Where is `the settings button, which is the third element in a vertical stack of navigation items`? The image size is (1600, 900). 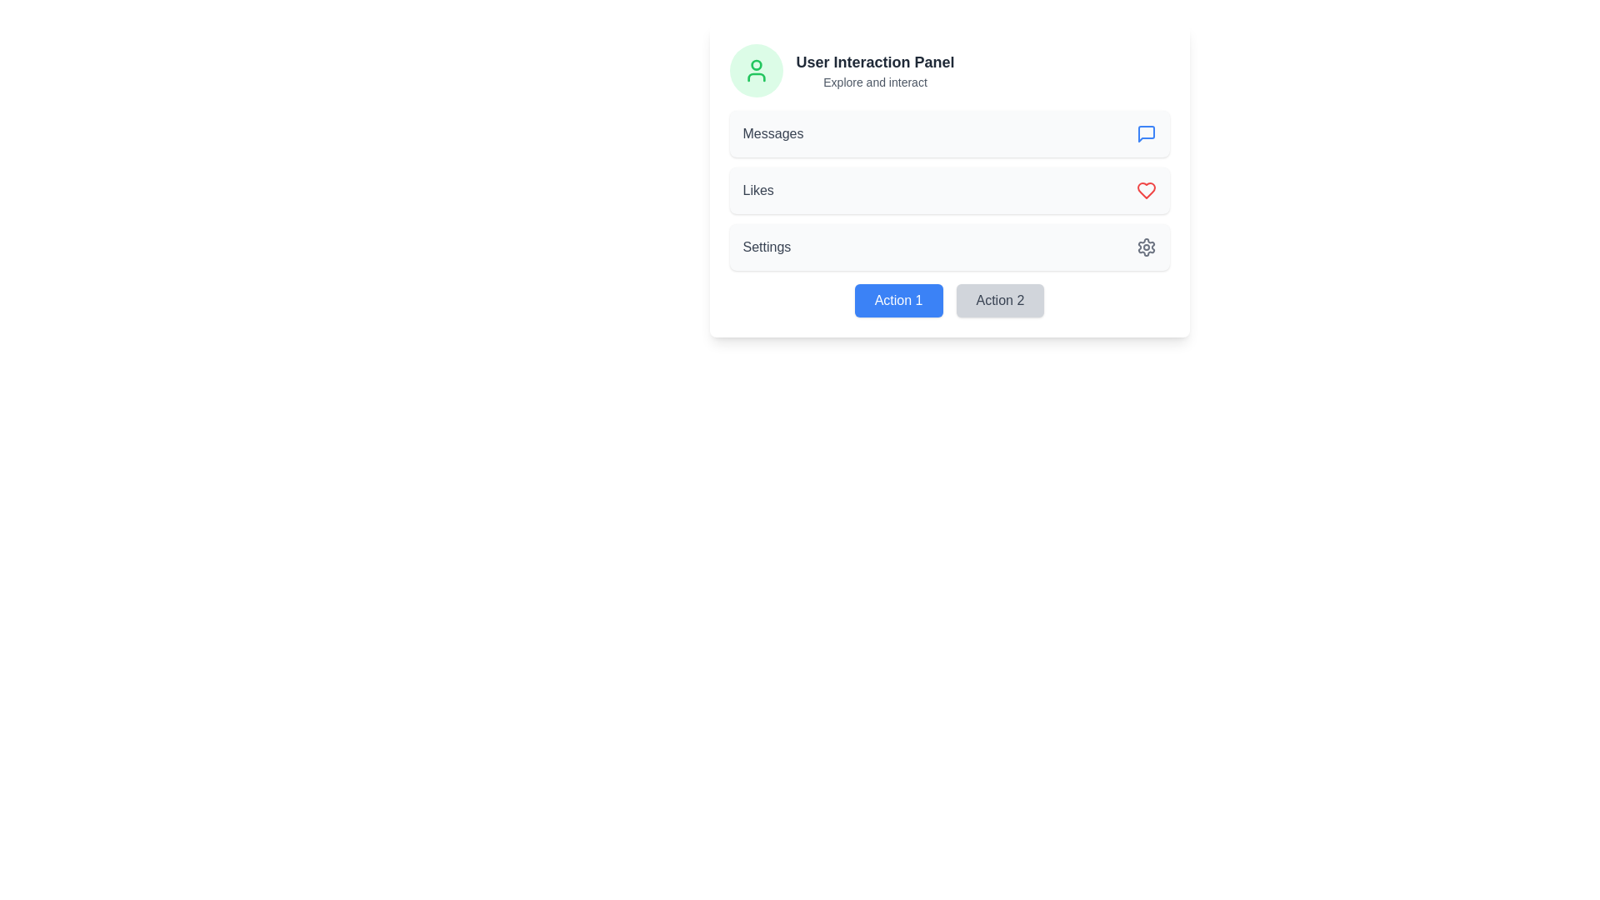
the settings button, which is the third element in a vertical stack of navigation items is located at coordinates (949, 247).